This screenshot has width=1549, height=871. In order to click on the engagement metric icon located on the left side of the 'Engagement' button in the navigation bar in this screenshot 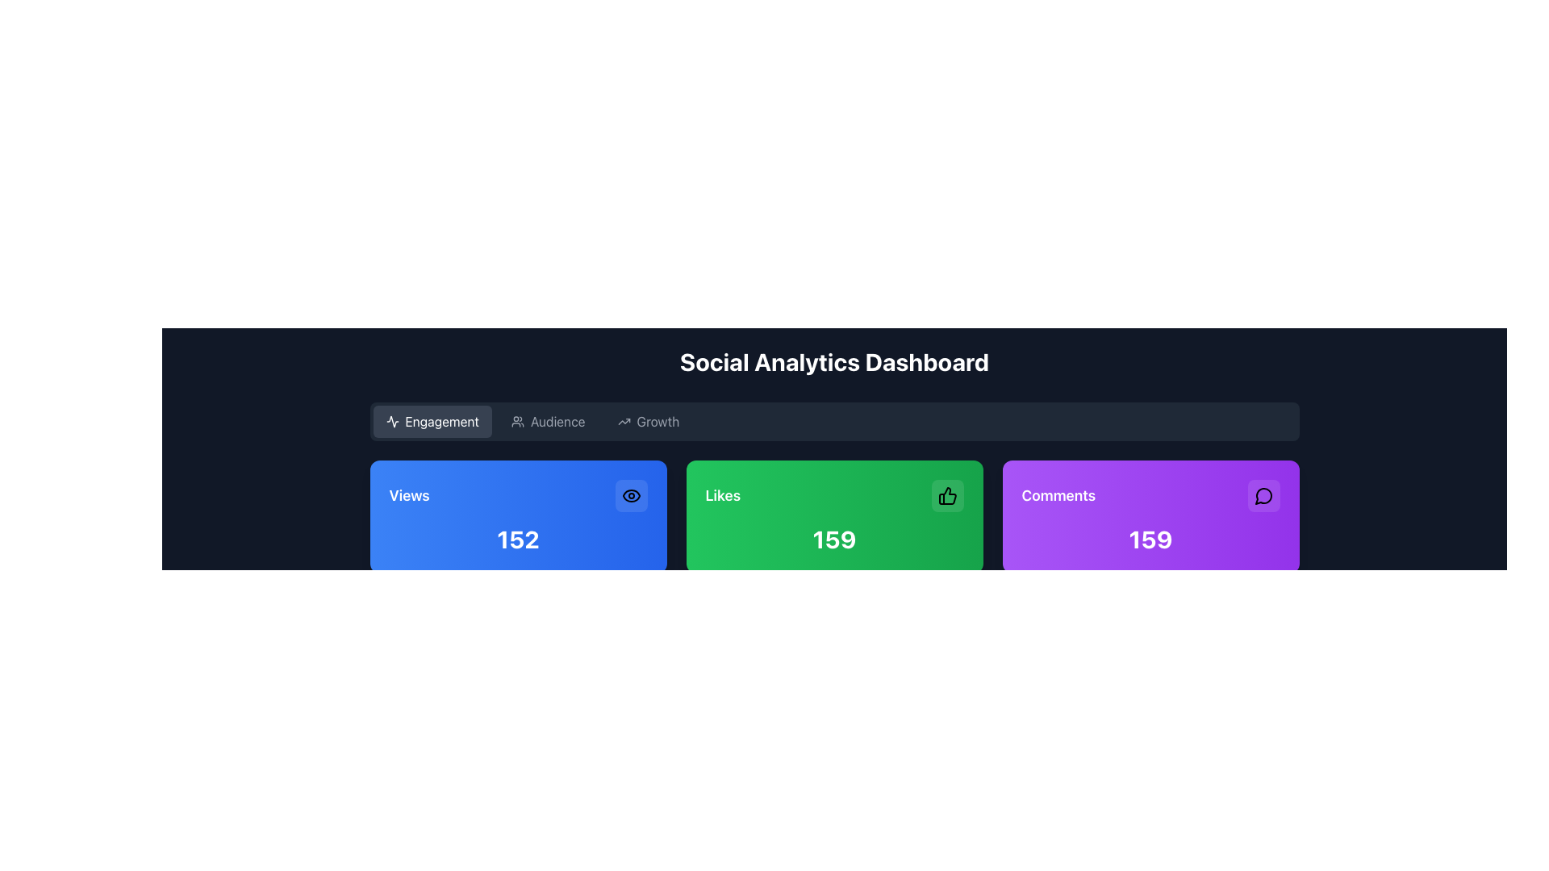, I will do `click(392, 421)`.